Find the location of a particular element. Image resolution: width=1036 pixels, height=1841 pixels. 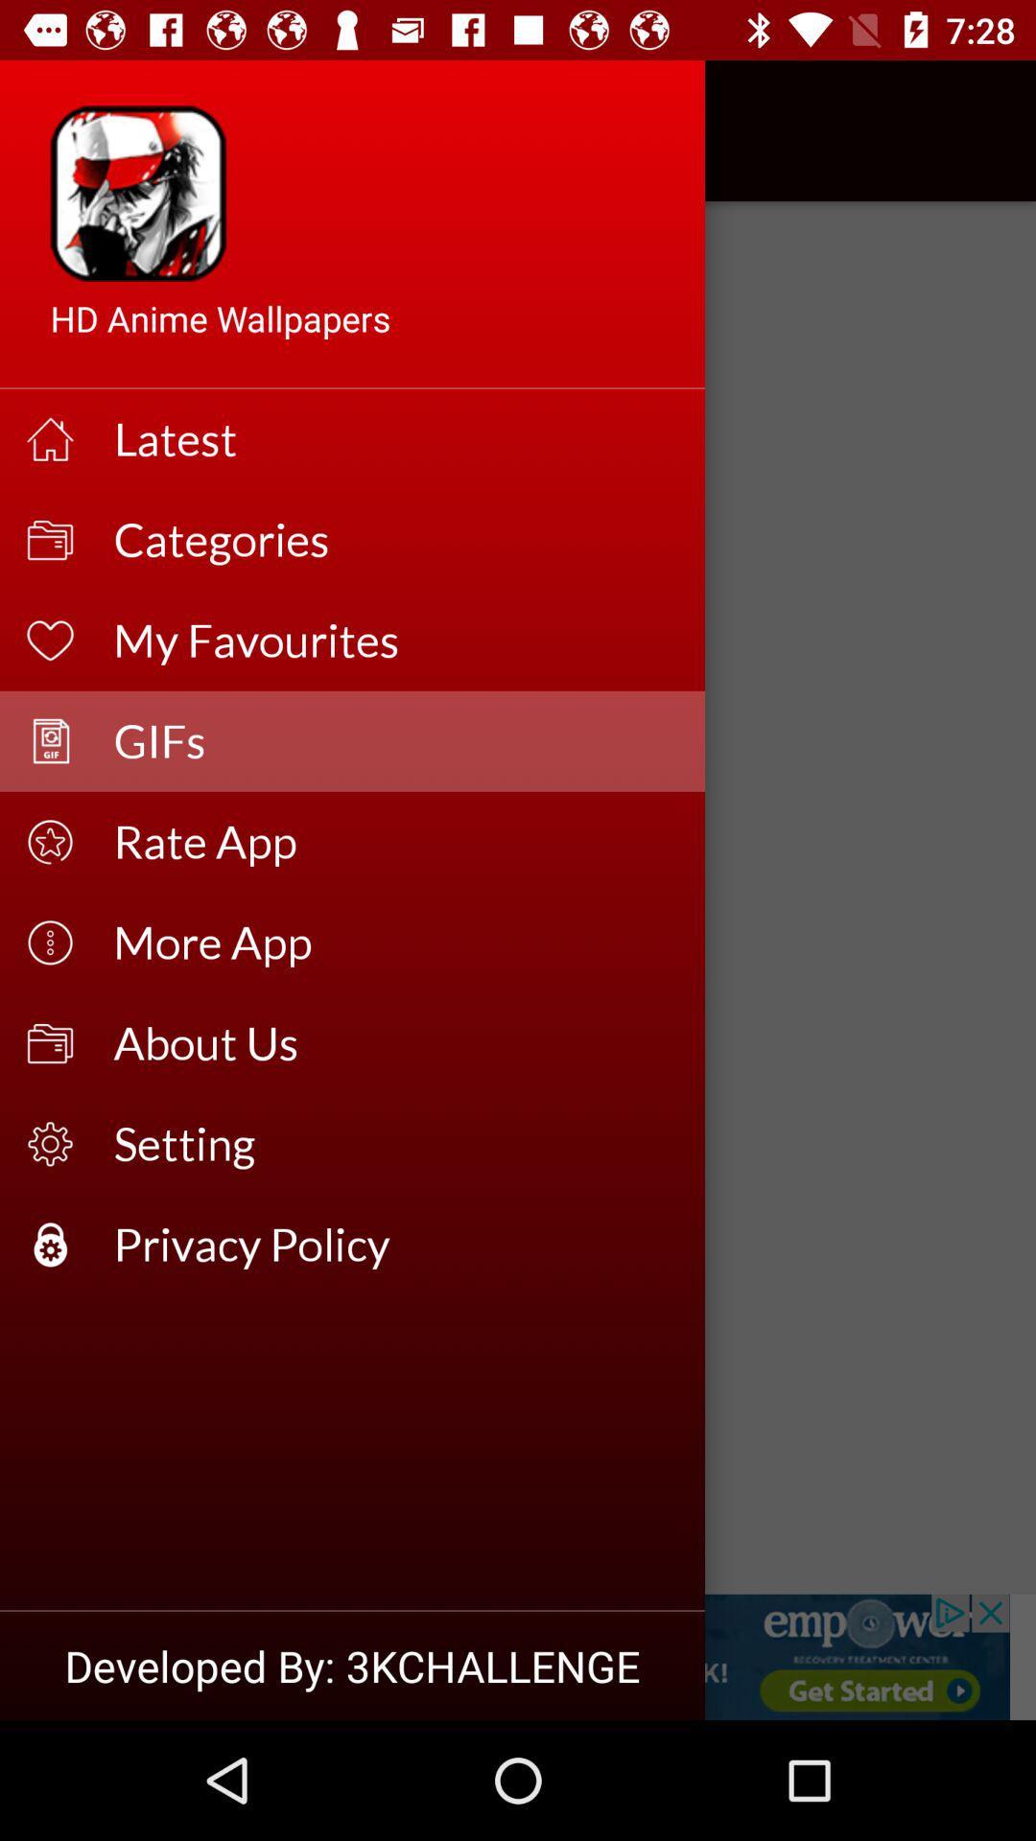

the setting icon is located at coordinates (395, 1144).